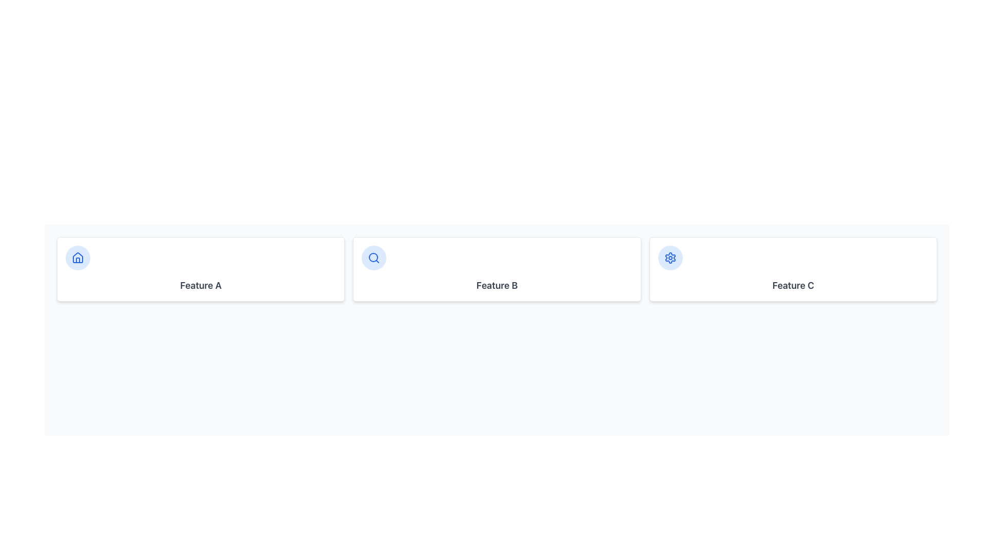 Image resolution: width=985 pixels, height=554 pixels. I want to click on the blue gear icon located at the top-left corner inside the 'Feature C' card, which is the rightmost card in a horizontal group of three cards, so click(670, 257).